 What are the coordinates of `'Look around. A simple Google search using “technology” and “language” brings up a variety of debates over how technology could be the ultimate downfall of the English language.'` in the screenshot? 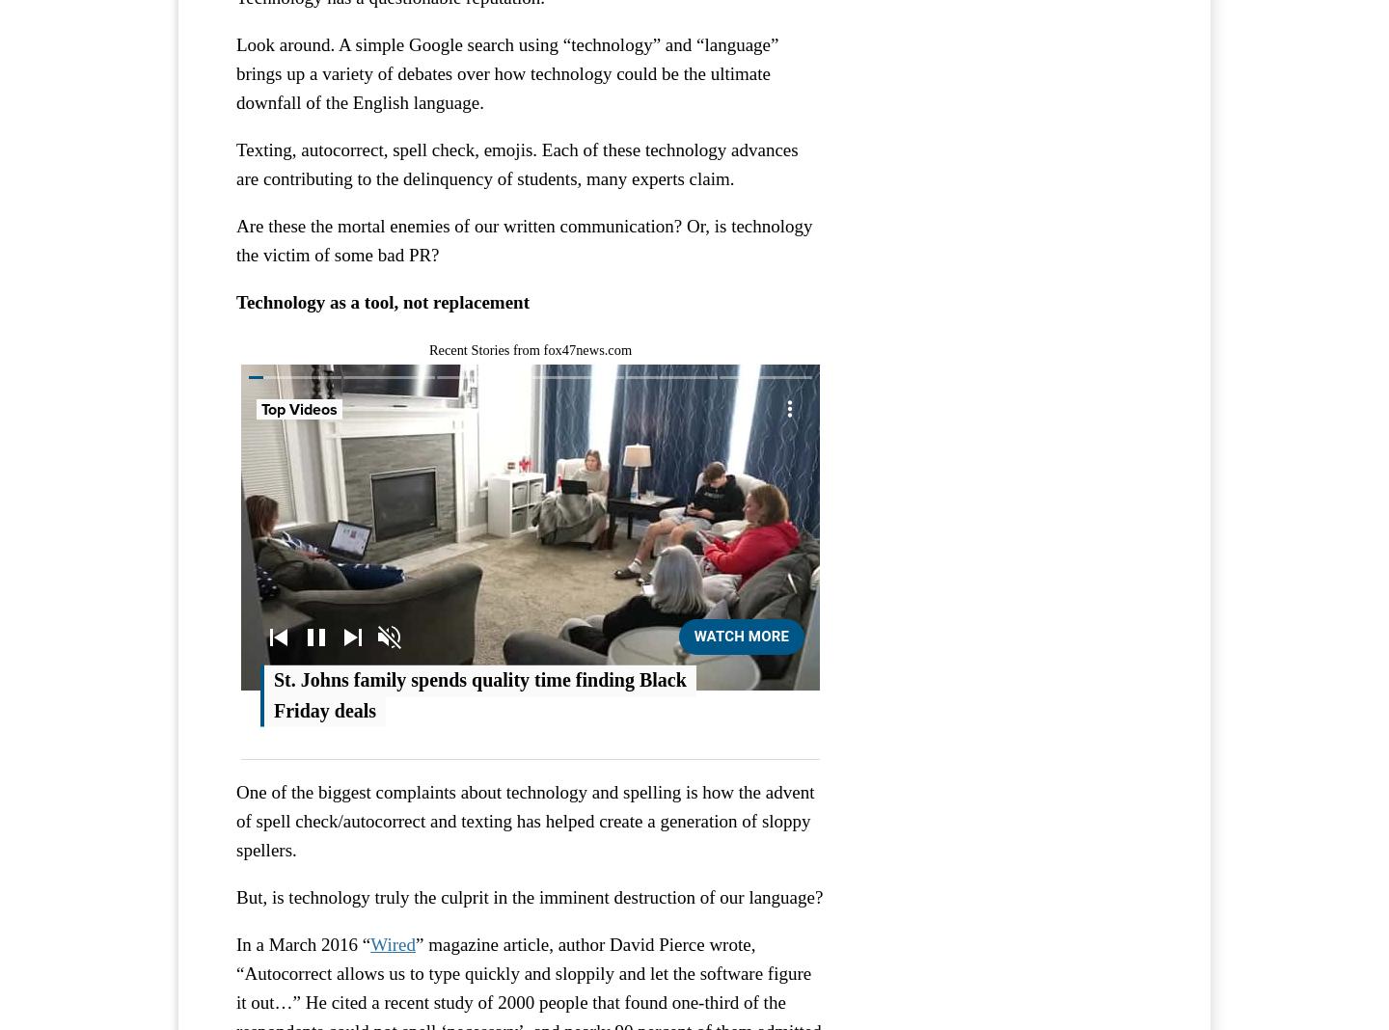 It's located at (234, 72).